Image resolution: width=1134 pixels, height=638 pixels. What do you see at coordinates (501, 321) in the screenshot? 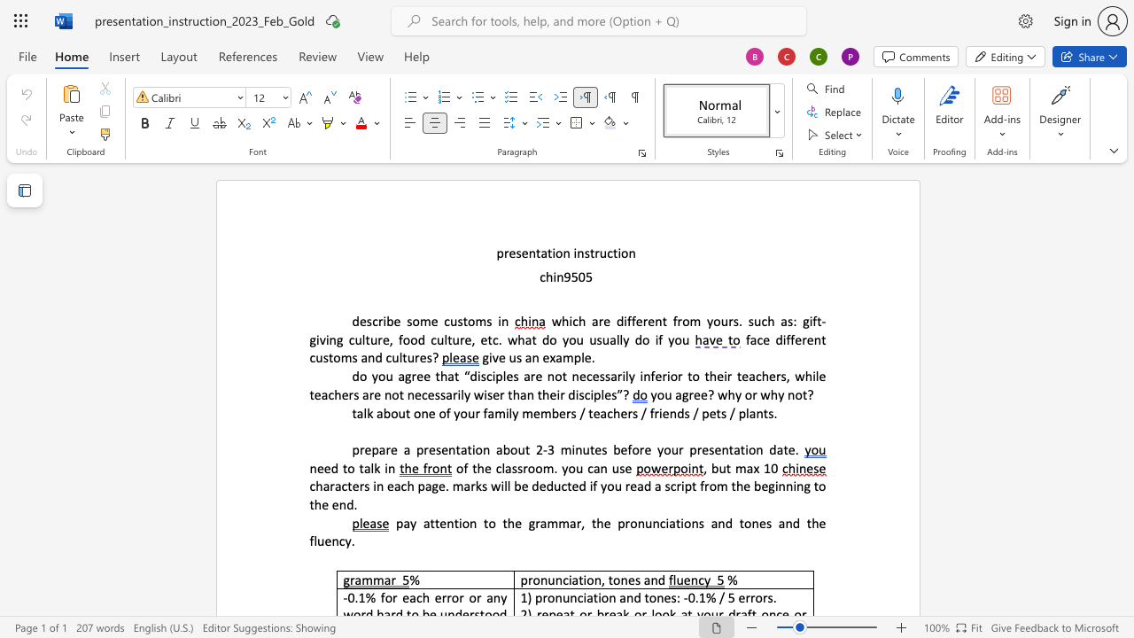
I see `the space between the continuous character "i" and "n" in the text` at bounding box center [501, 321].